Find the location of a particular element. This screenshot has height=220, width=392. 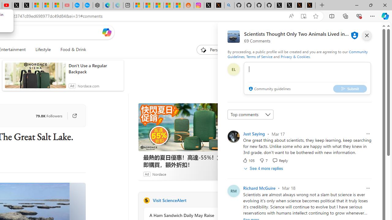

'Shanghai, China Weather trends | Microsoft Weather' is located at coordinates (179, 5).